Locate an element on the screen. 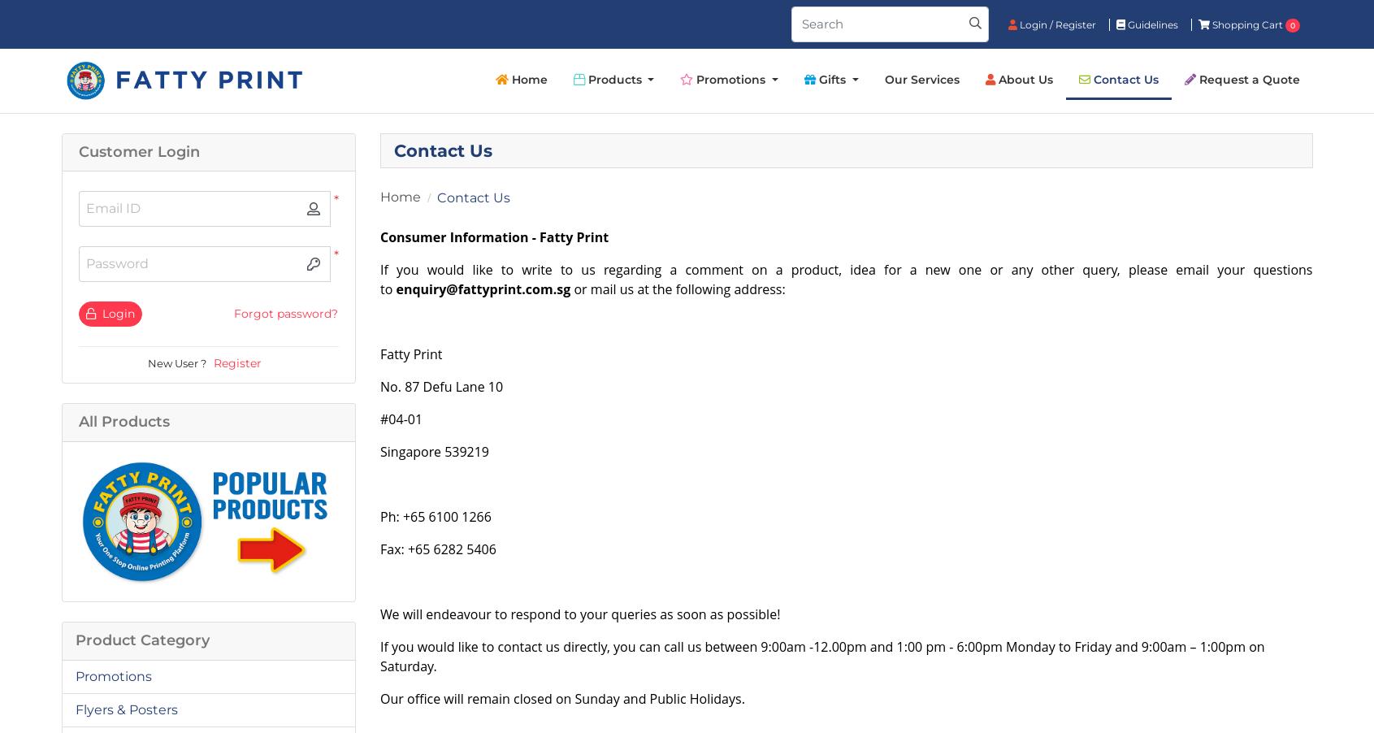  'All Products' is located at coordinates (124, 420).